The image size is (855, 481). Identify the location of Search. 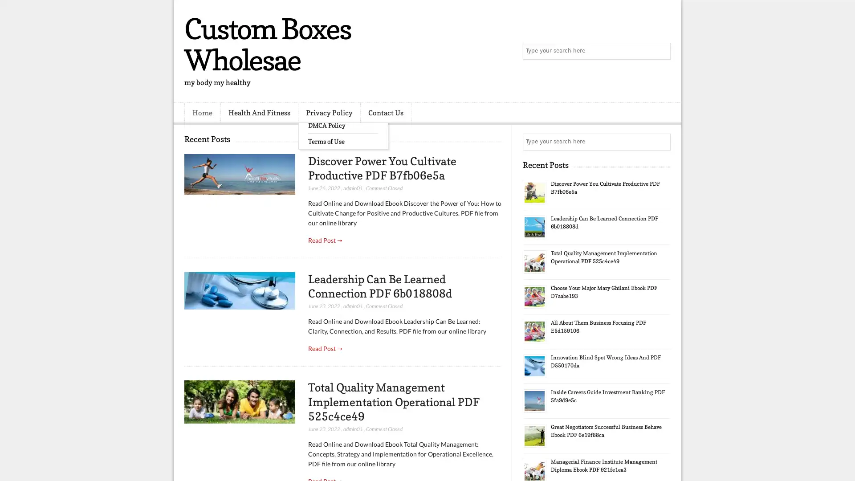
(661, 142).